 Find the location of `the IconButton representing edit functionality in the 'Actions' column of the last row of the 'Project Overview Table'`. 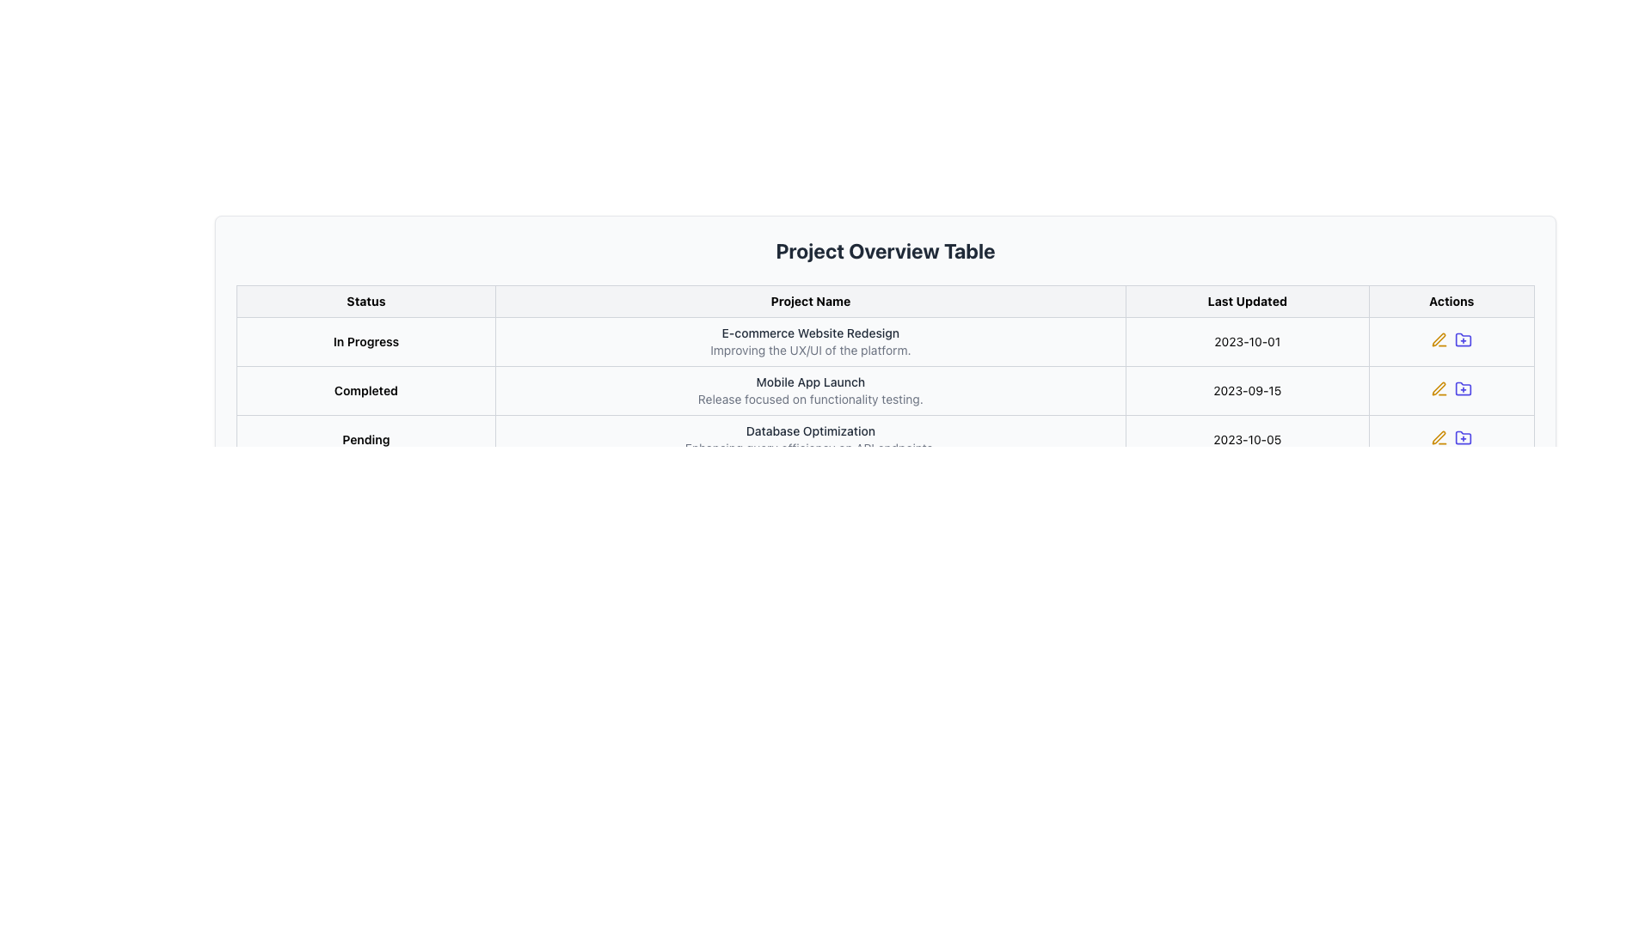

the IconButton representing edit functionality in the 'Actions' column of the last row of the 'Project Overview Table' is located at coordinates (1439, 437).